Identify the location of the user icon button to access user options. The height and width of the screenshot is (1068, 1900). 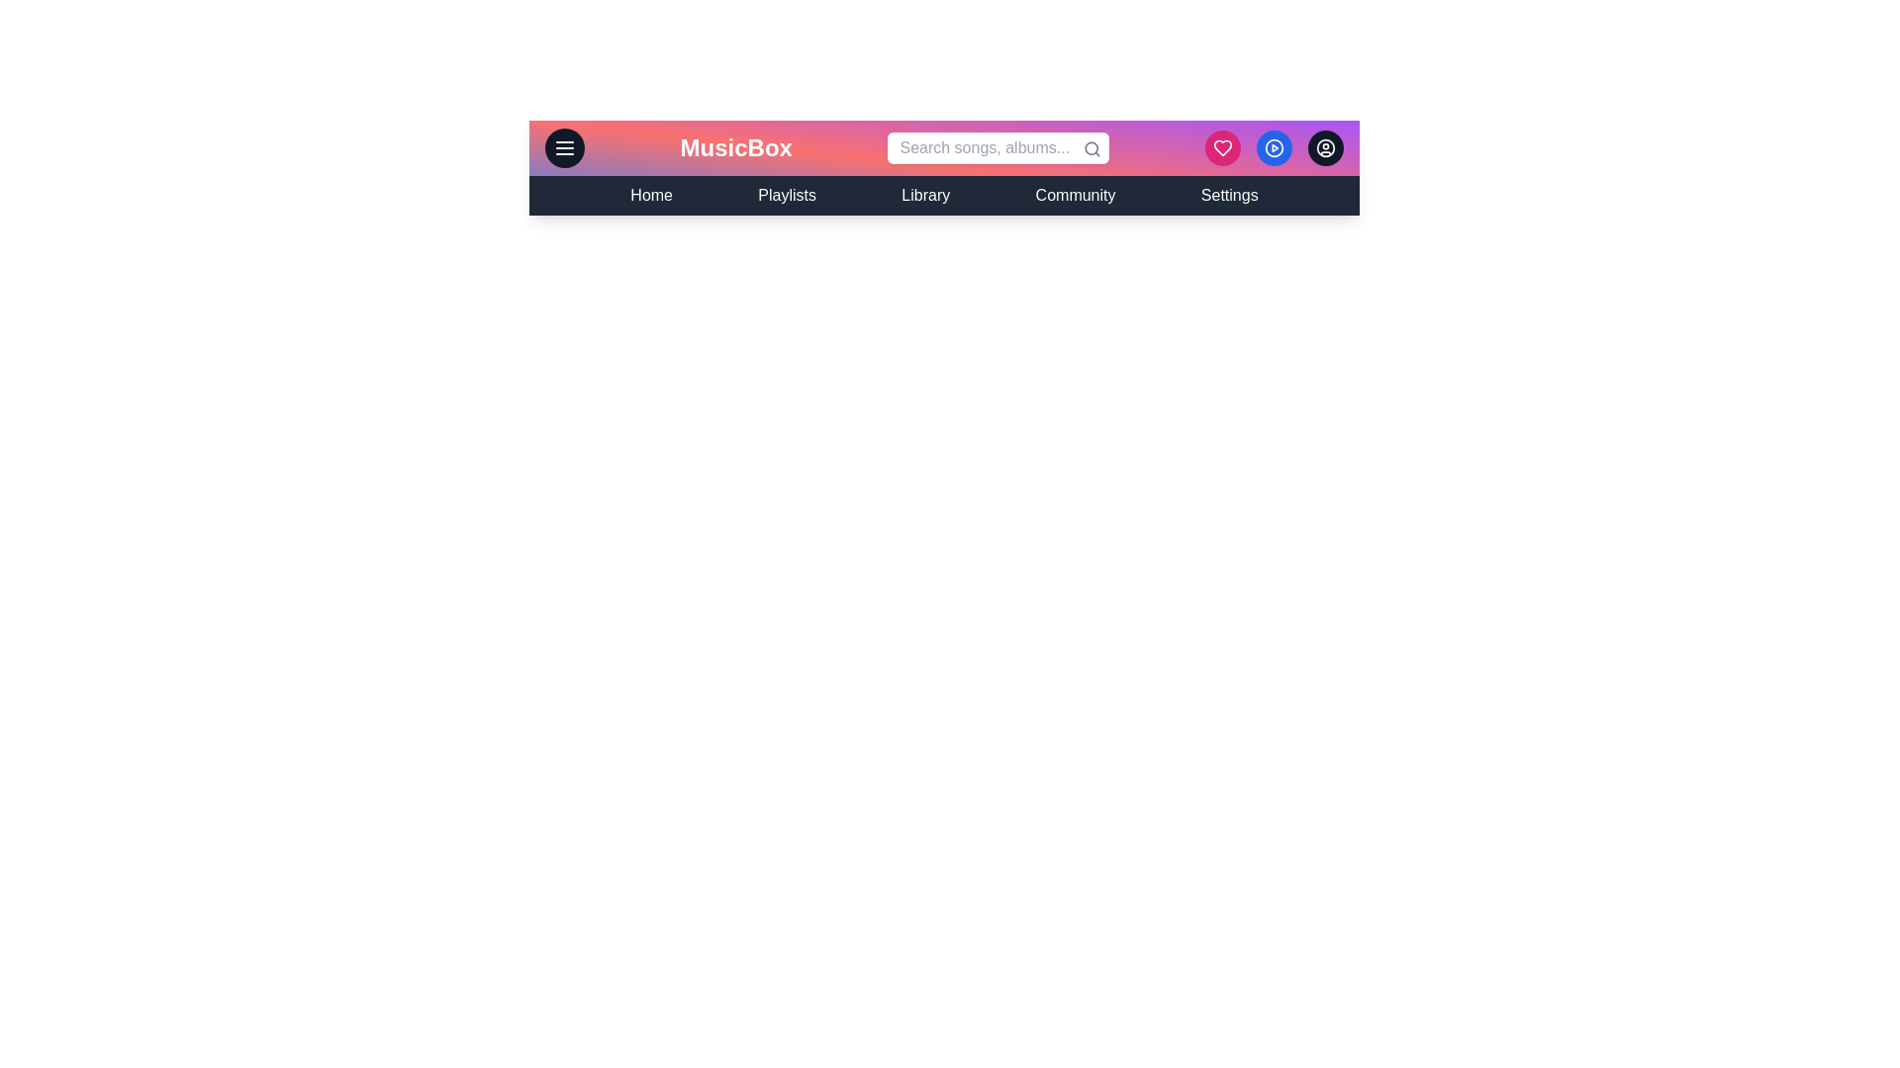
(1325, 147).